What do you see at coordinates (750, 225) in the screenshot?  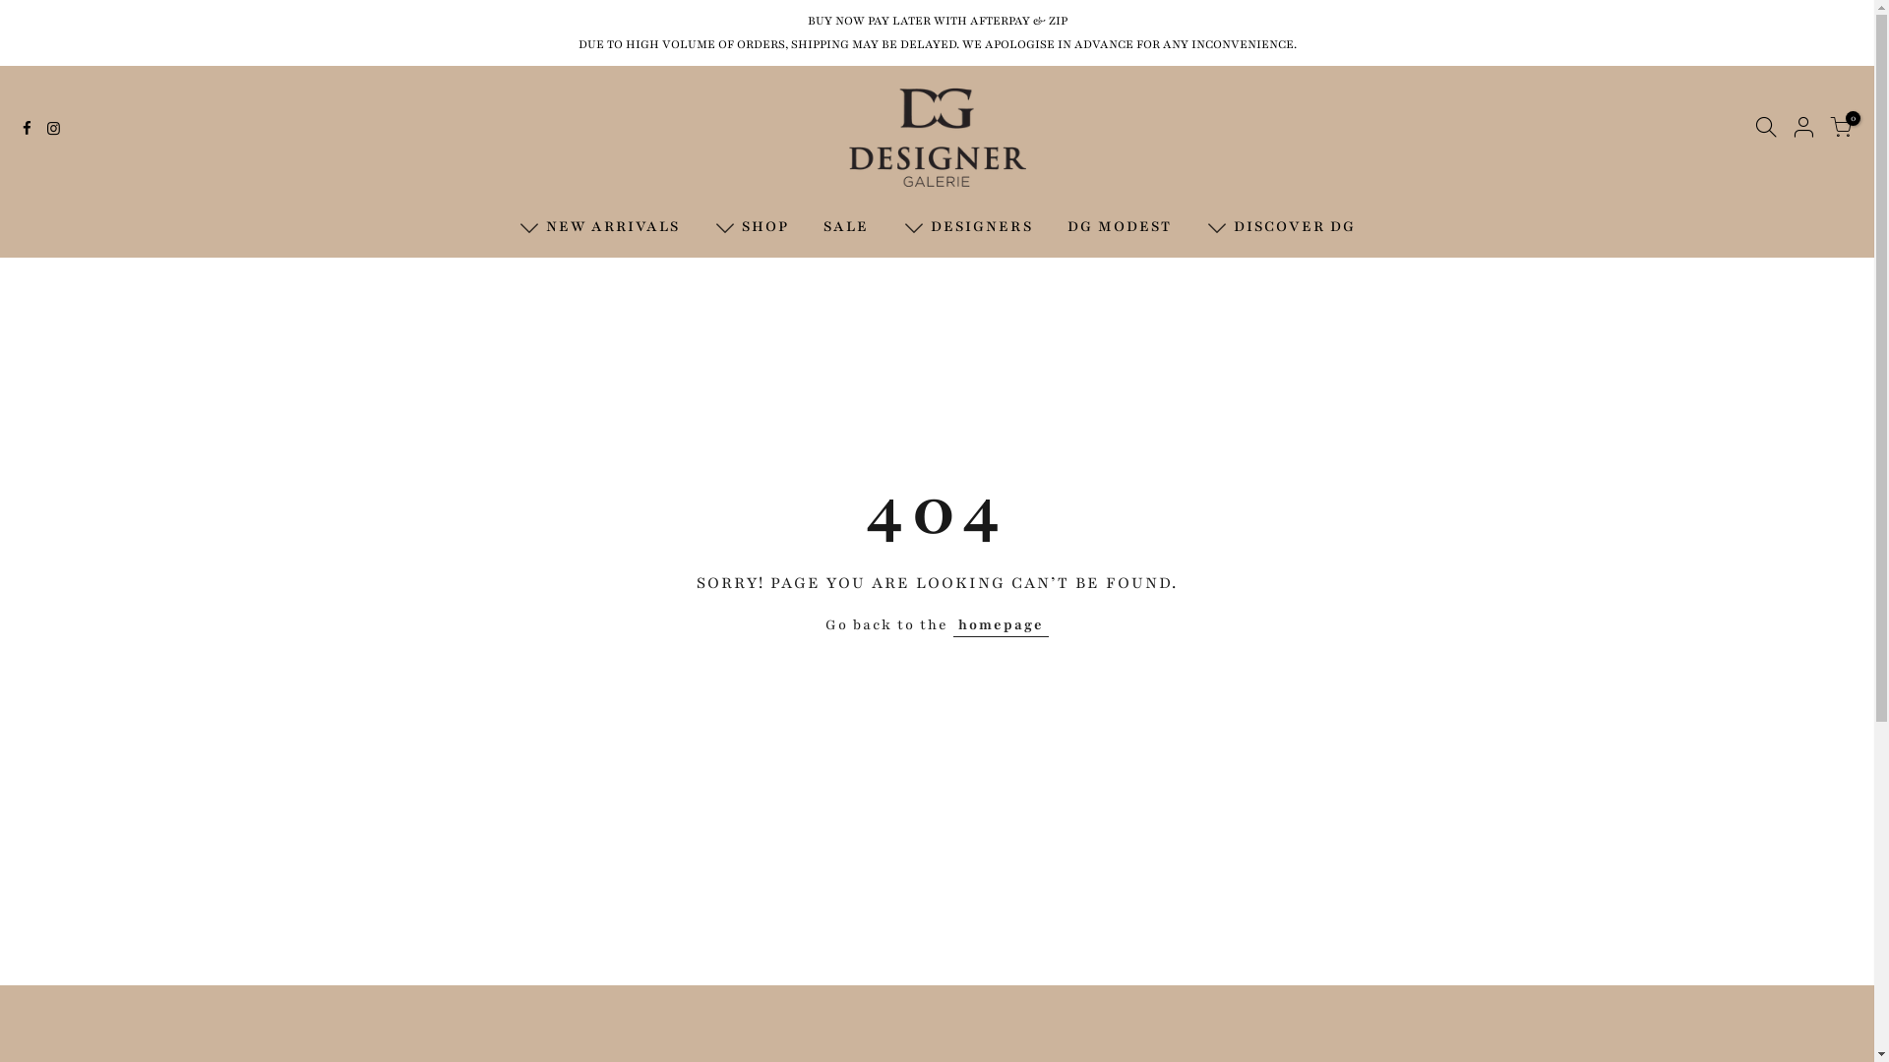 I see `'SHOP'` at bounding box center [750, 225].